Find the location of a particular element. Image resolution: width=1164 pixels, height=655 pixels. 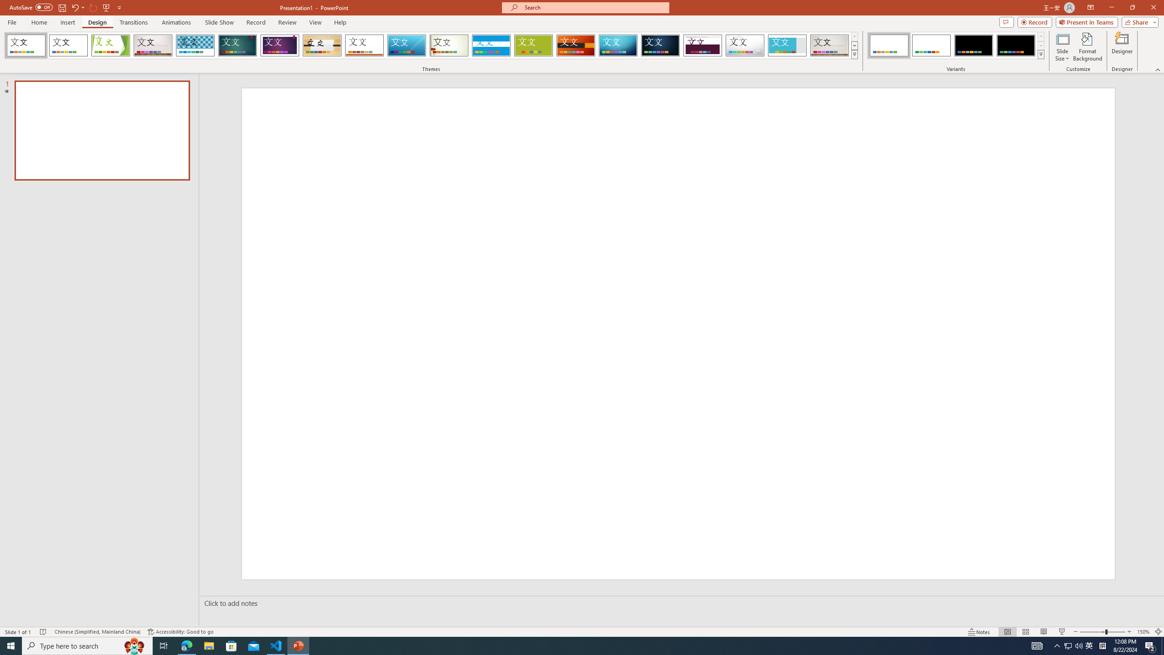

'Basis Loading Preview...' is located at coordinates (533, 45).